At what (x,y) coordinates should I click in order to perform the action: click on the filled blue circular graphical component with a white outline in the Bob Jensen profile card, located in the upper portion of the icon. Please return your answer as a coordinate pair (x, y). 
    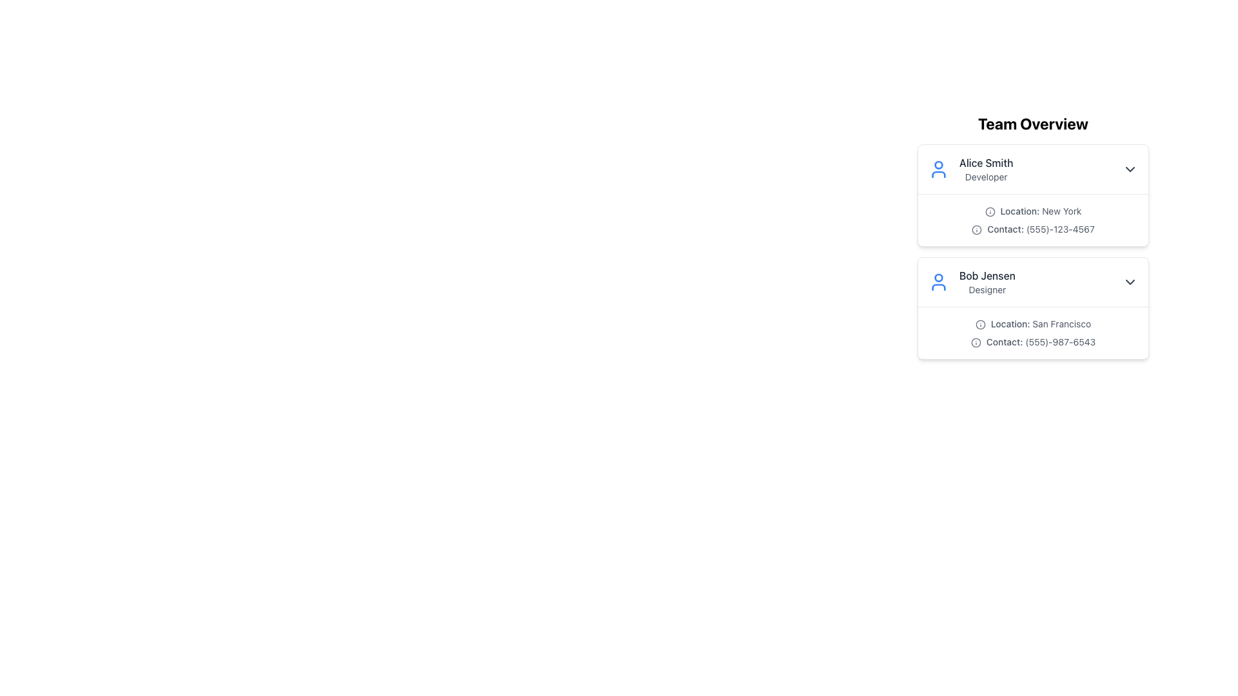
    Looking at the image, I should click on (938, 277).